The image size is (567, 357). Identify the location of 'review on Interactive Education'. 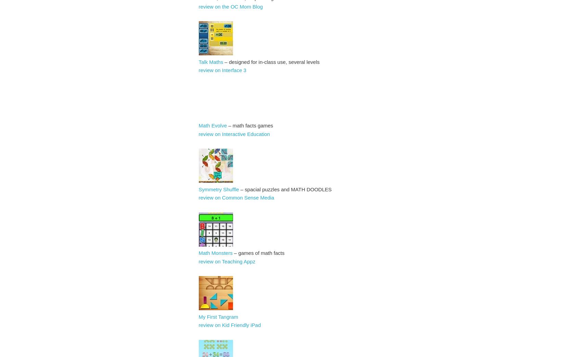
(234, 133).